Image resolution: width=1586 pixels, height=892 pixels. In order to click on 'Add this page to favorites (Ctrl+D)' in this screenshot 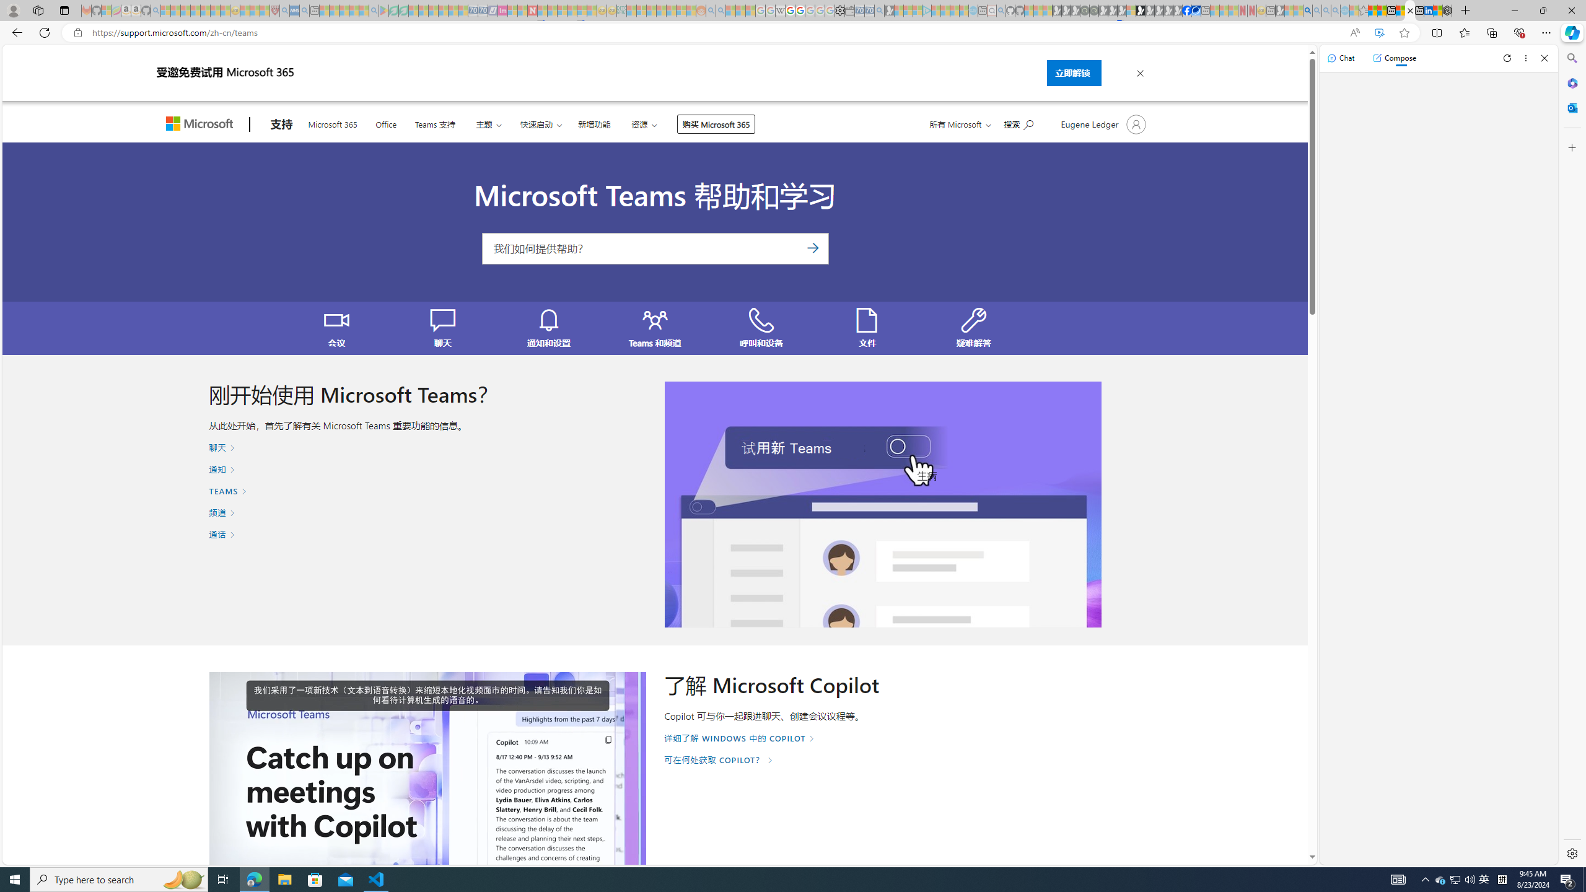, I will do `click(1404, 33)`.